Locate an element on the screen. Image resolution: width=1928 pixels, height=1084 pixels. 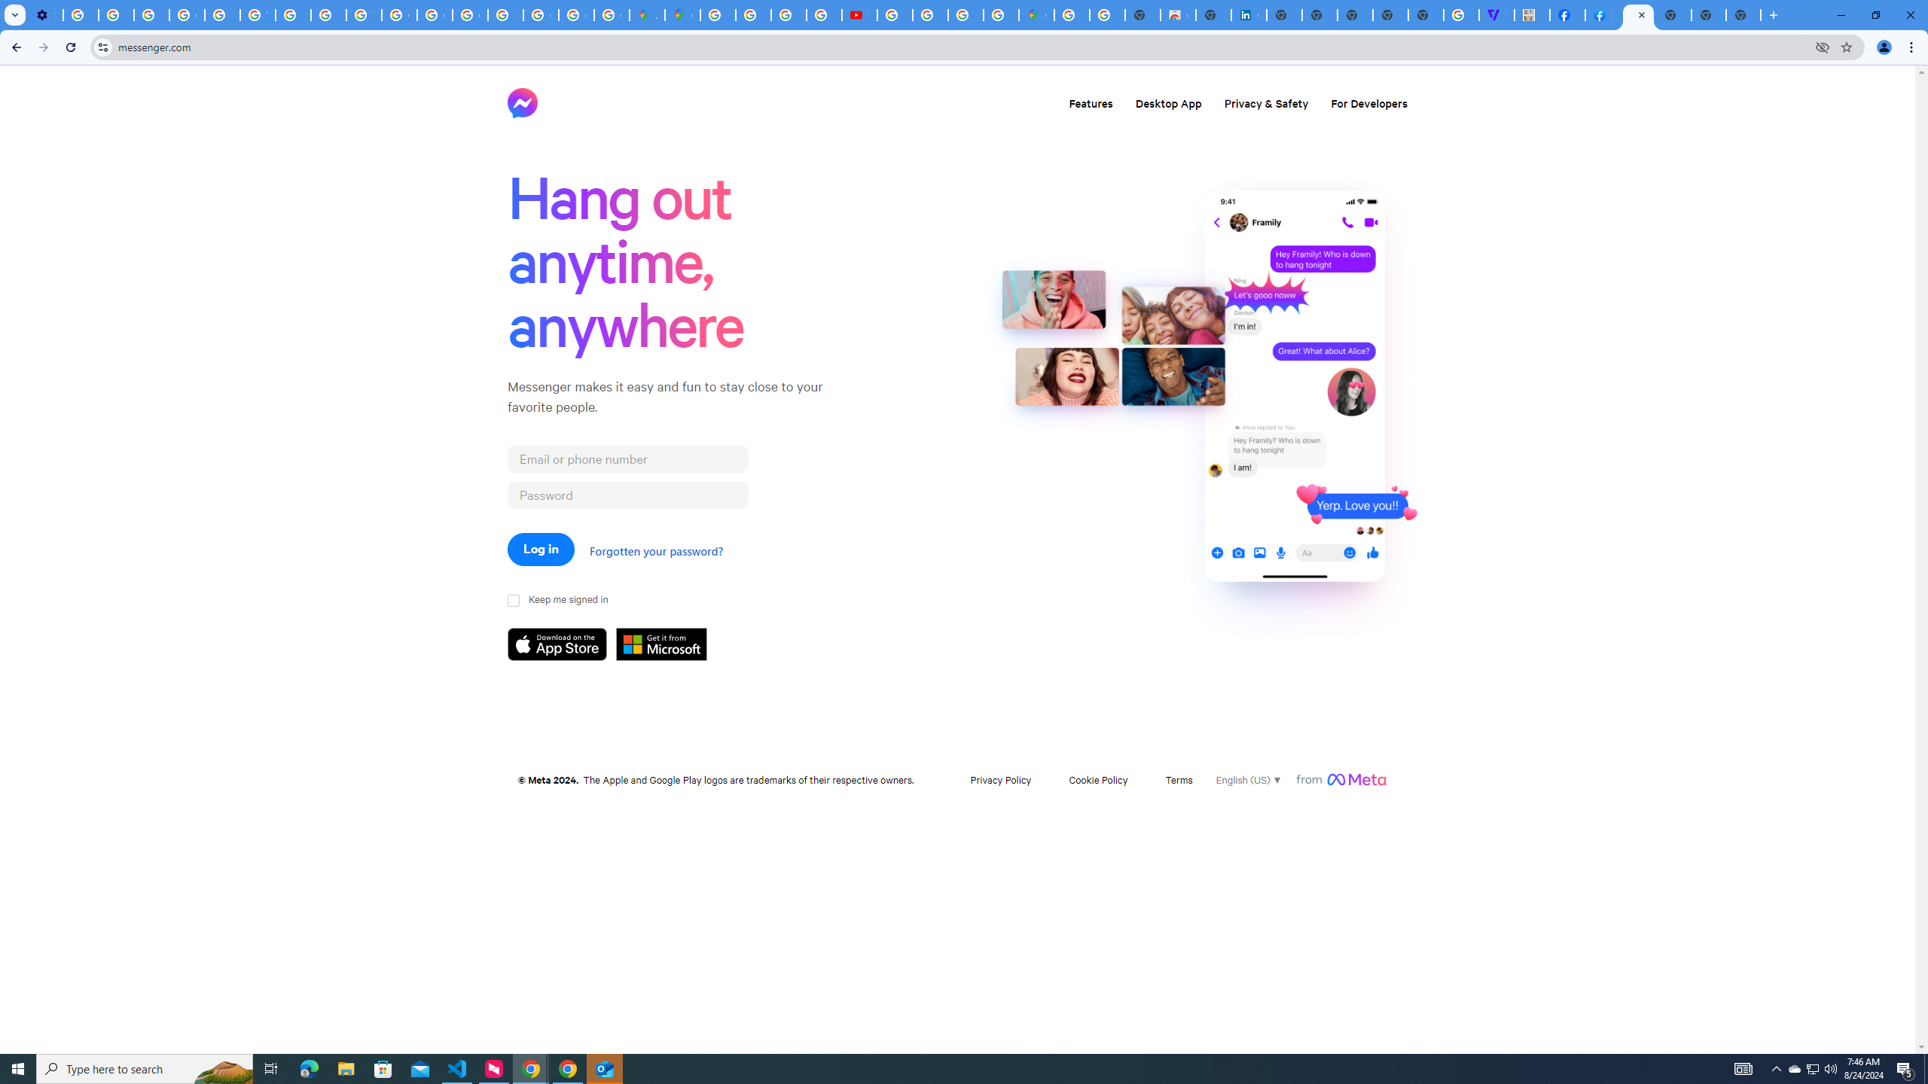
'Privacy Help Center - Policies Help' is located at coordinates (221, 14).